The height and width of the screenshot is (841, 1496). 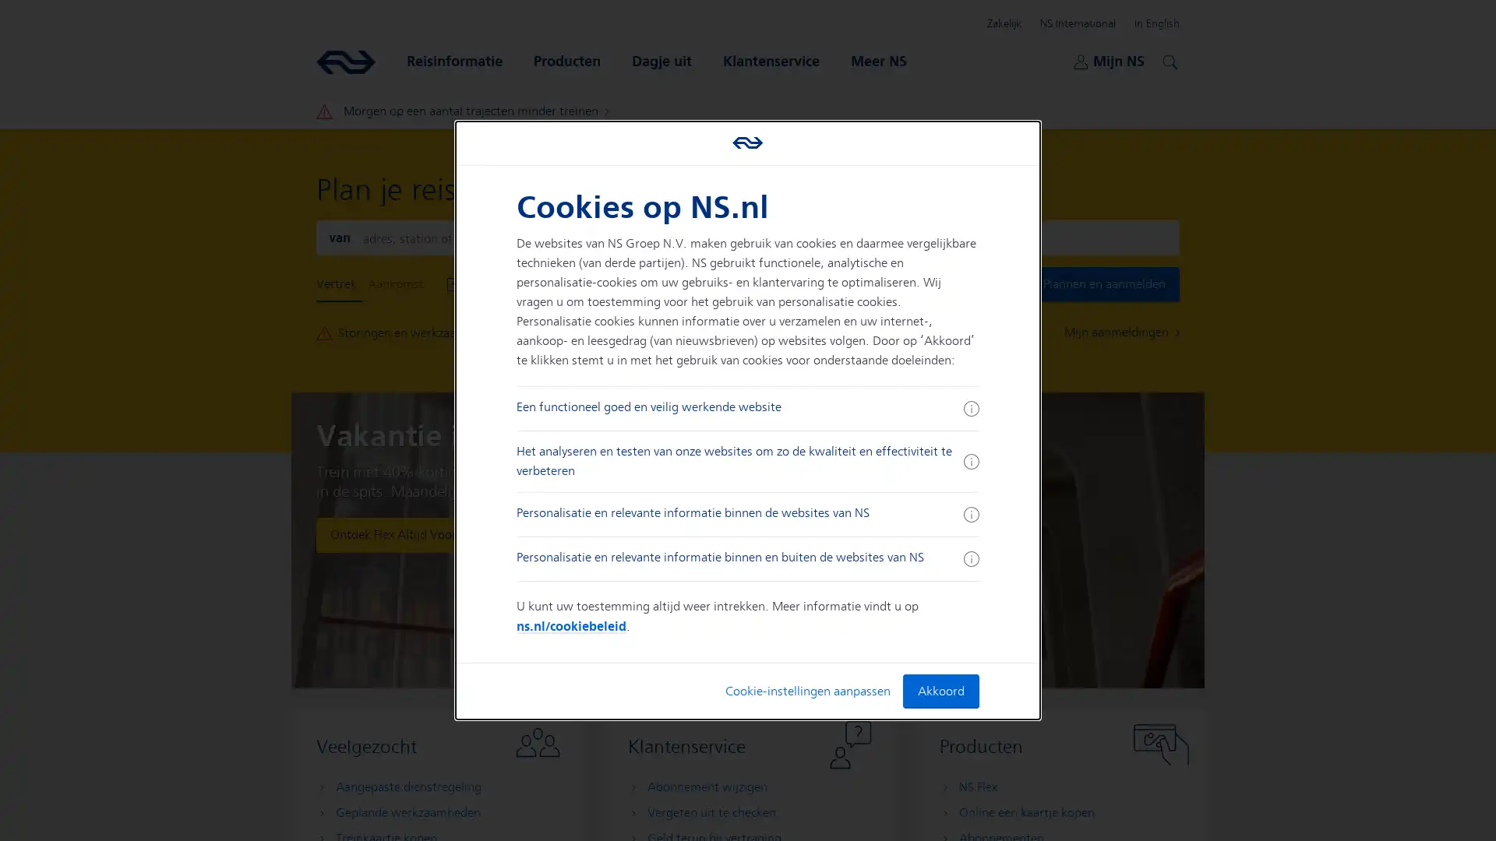 What do you see at coordinates (970, 514) in the screenshot?
I see `Meer informatie ingeklapt` at bounding box center [970, 514].